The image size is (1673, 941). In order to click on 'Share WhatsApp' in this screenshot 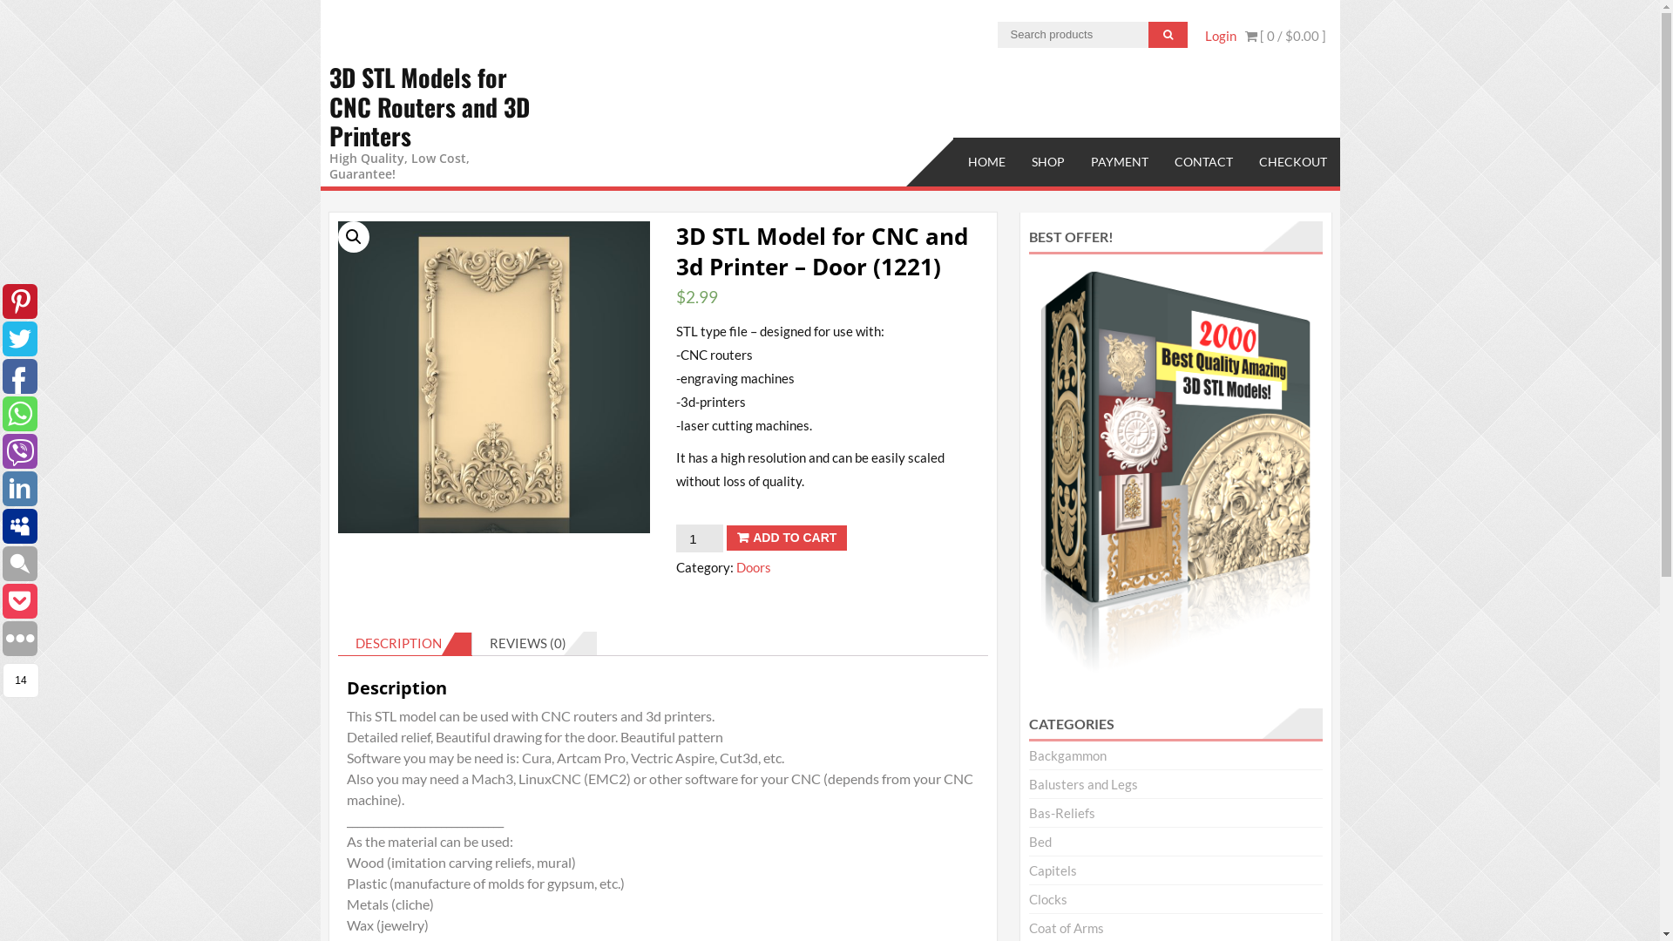, I will do `click(20, 413)`.